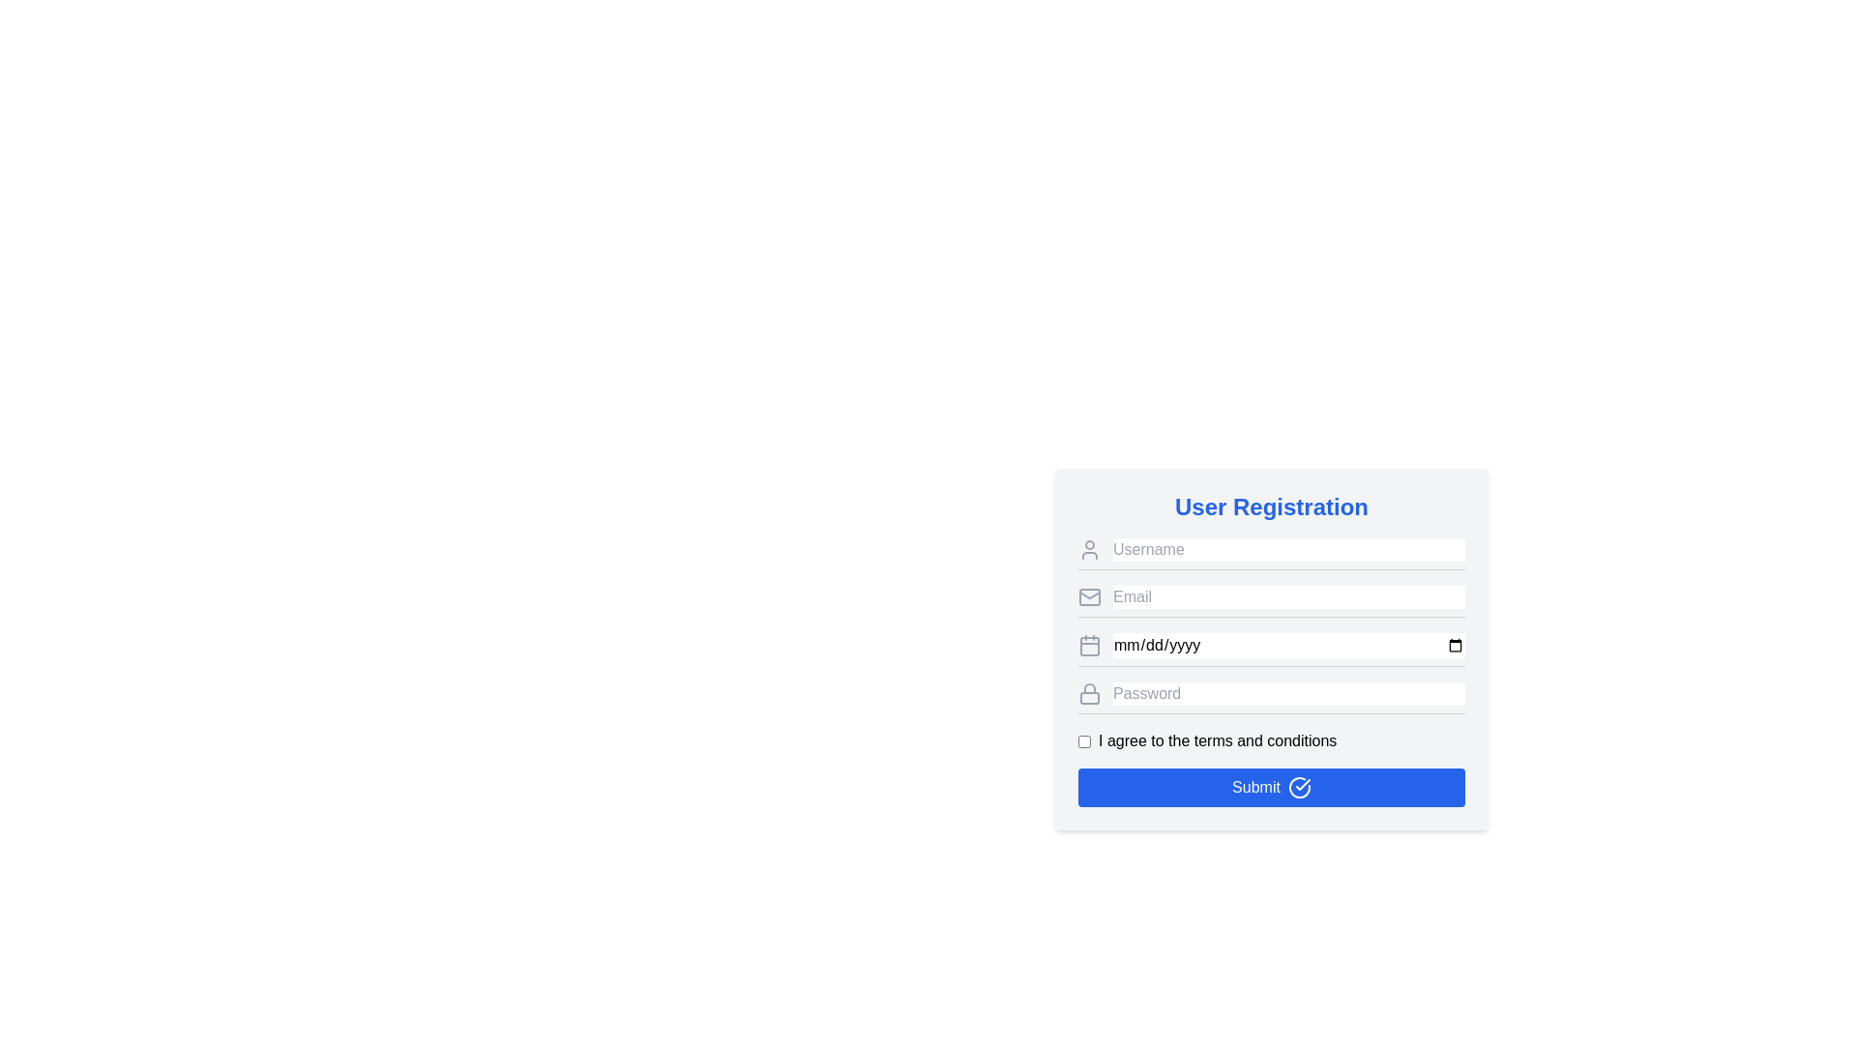  I want to click on the small light gray email icon, which resembles an envelope and is located to the left of the 'Email' text input field in the User Registration form, so click(1090, 595).